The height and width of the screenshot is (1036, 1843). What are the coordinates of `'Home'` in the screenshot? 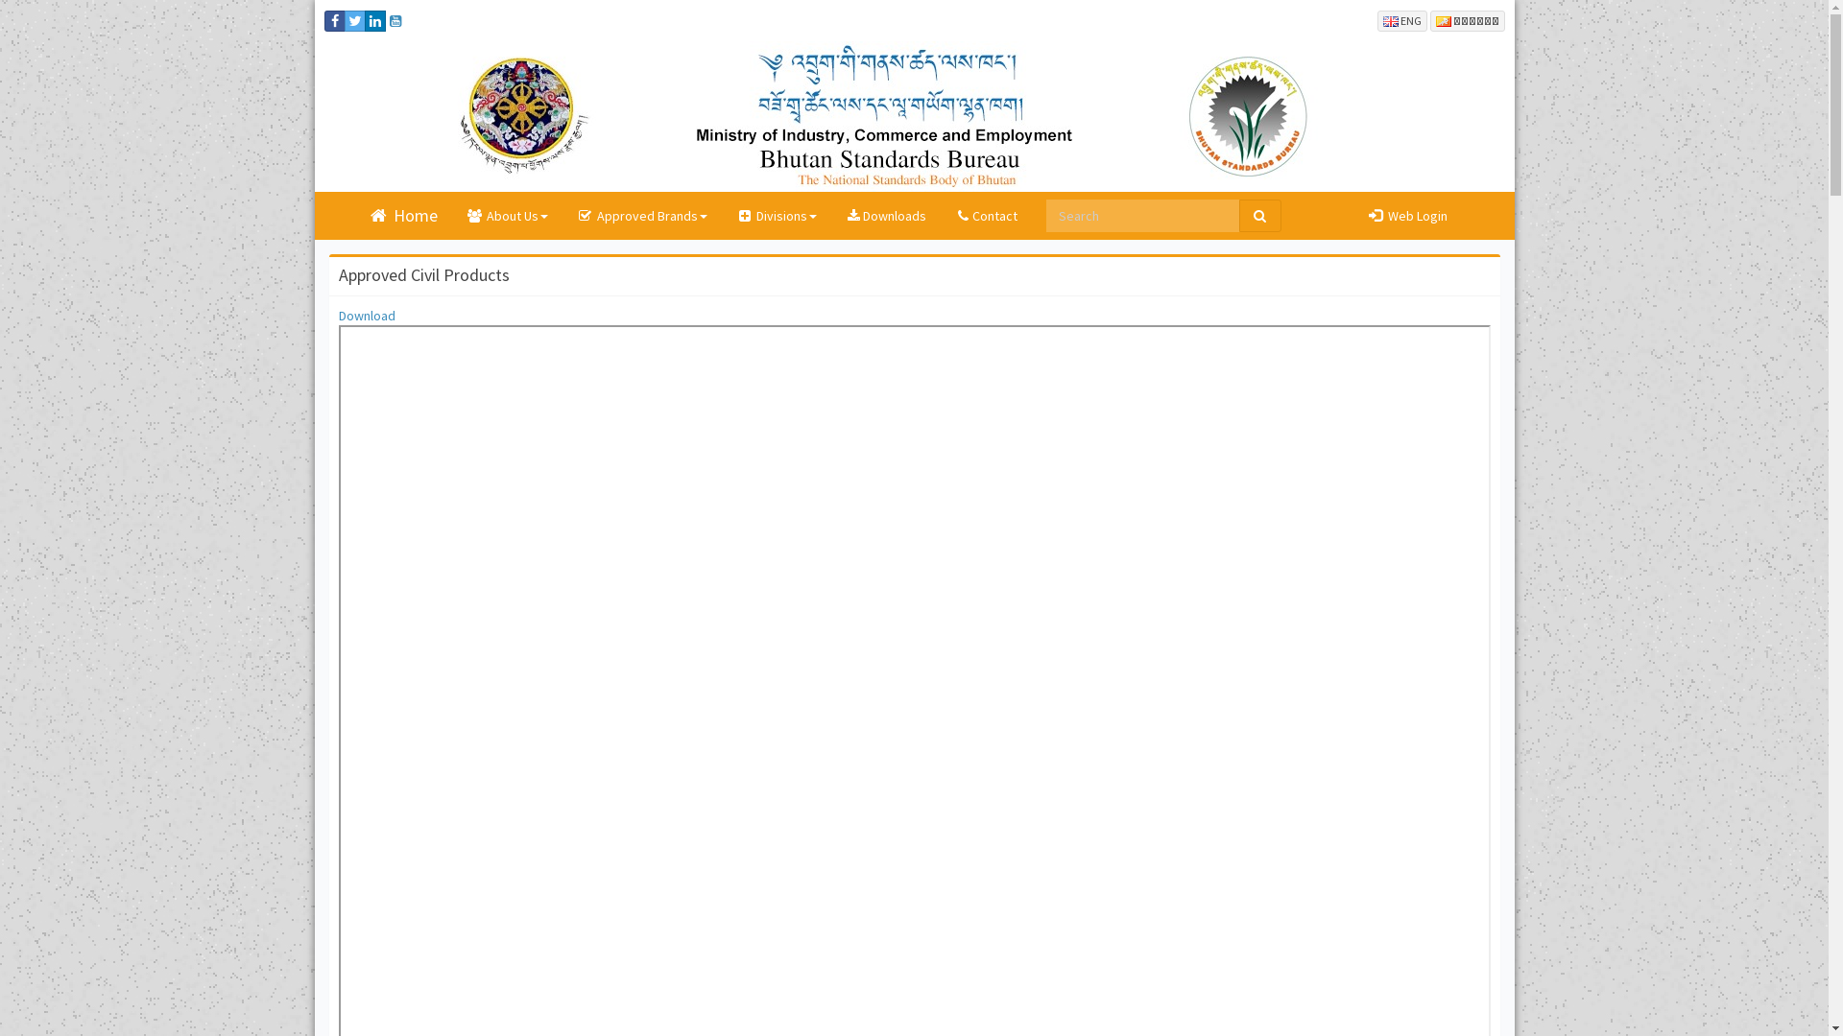 It's located at (353, 215).